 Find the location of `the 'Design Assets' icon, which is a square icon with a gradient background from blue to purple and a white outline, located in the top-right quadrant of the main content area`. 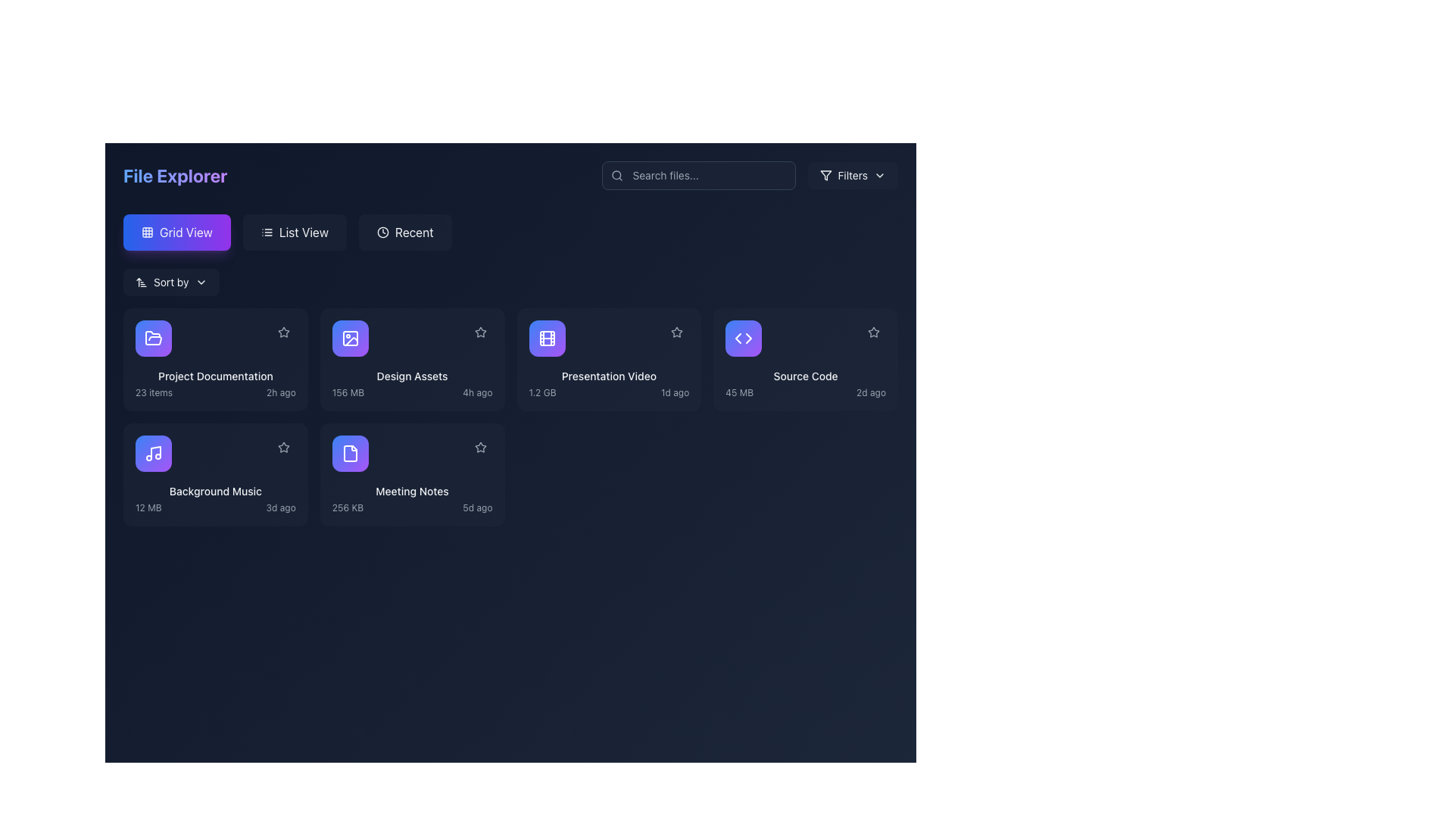

the 'Design Assets' icon, which is a square icon with a gradient background from blue to purple and a white outline, located in the top-right quadrant of the main content area is located at coordinates (349, 338).